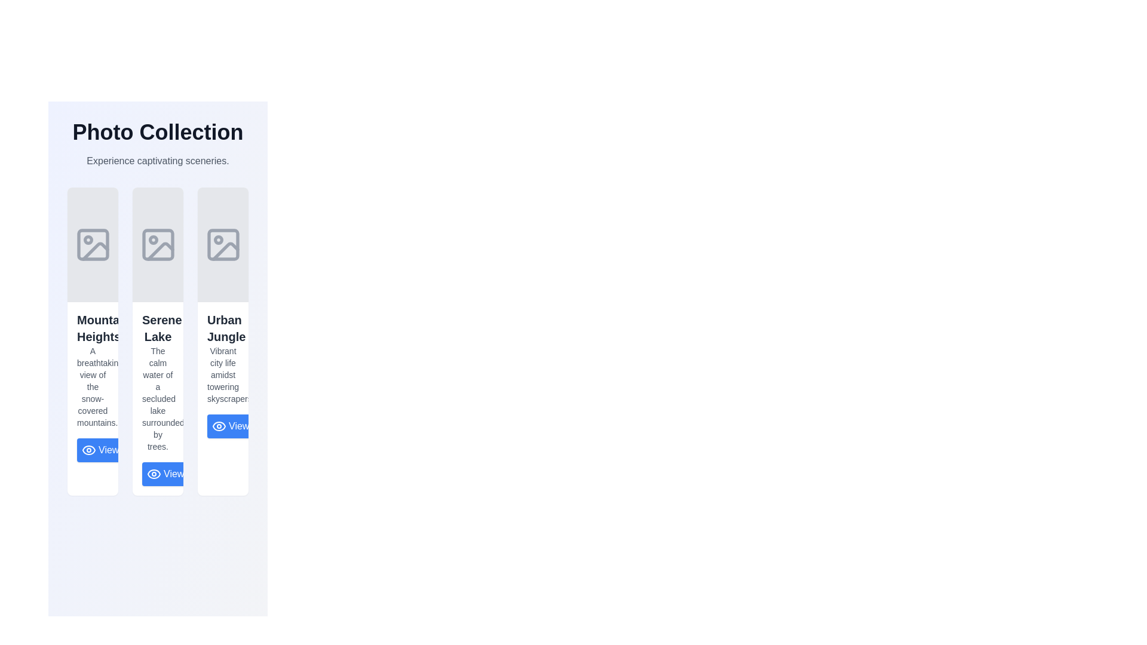 The width and height of the screenshot is (1147, 645). What do you see at coordinates (223, 244) in the screenshot?
I see `the square with rounded corners that is part of the icon representing a picture under the 'Urban Jungle' text` at bounding box center [223, 244].